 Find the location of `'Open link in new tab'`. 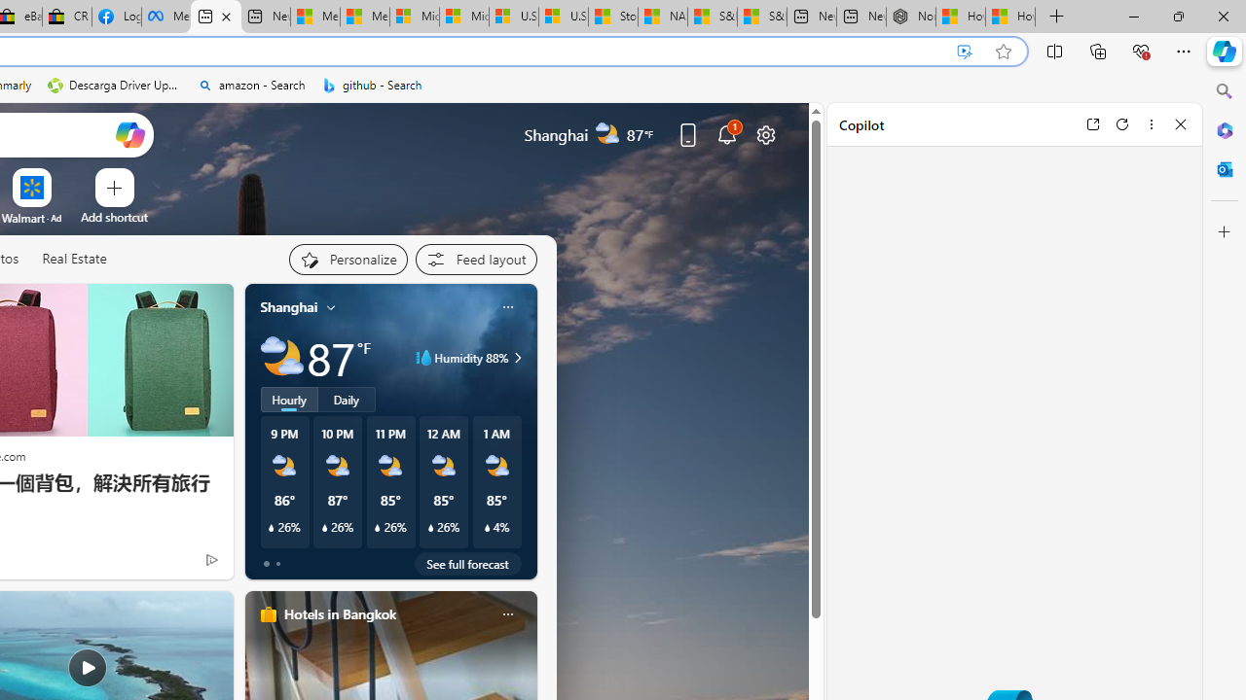

'Open link in new tab' is located at coordinates (1092, 123).